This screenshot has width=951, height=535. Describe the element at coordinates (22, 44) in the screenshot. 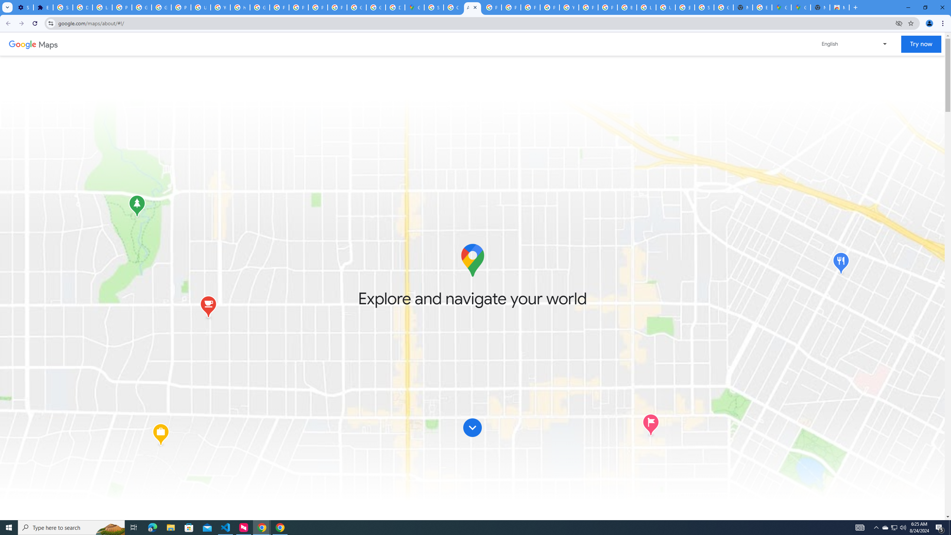

I see `'Google'` at that location.